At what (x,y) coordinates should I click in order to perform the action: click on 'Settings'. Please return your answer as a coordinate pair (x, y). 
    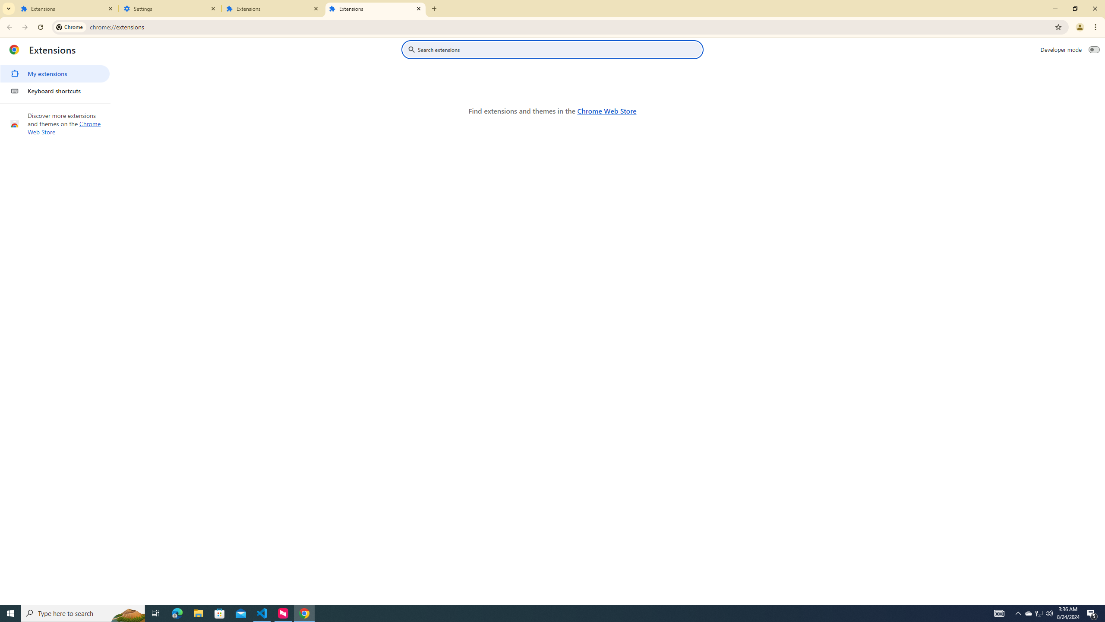
    Looking at the image, I should click on (170, 8).